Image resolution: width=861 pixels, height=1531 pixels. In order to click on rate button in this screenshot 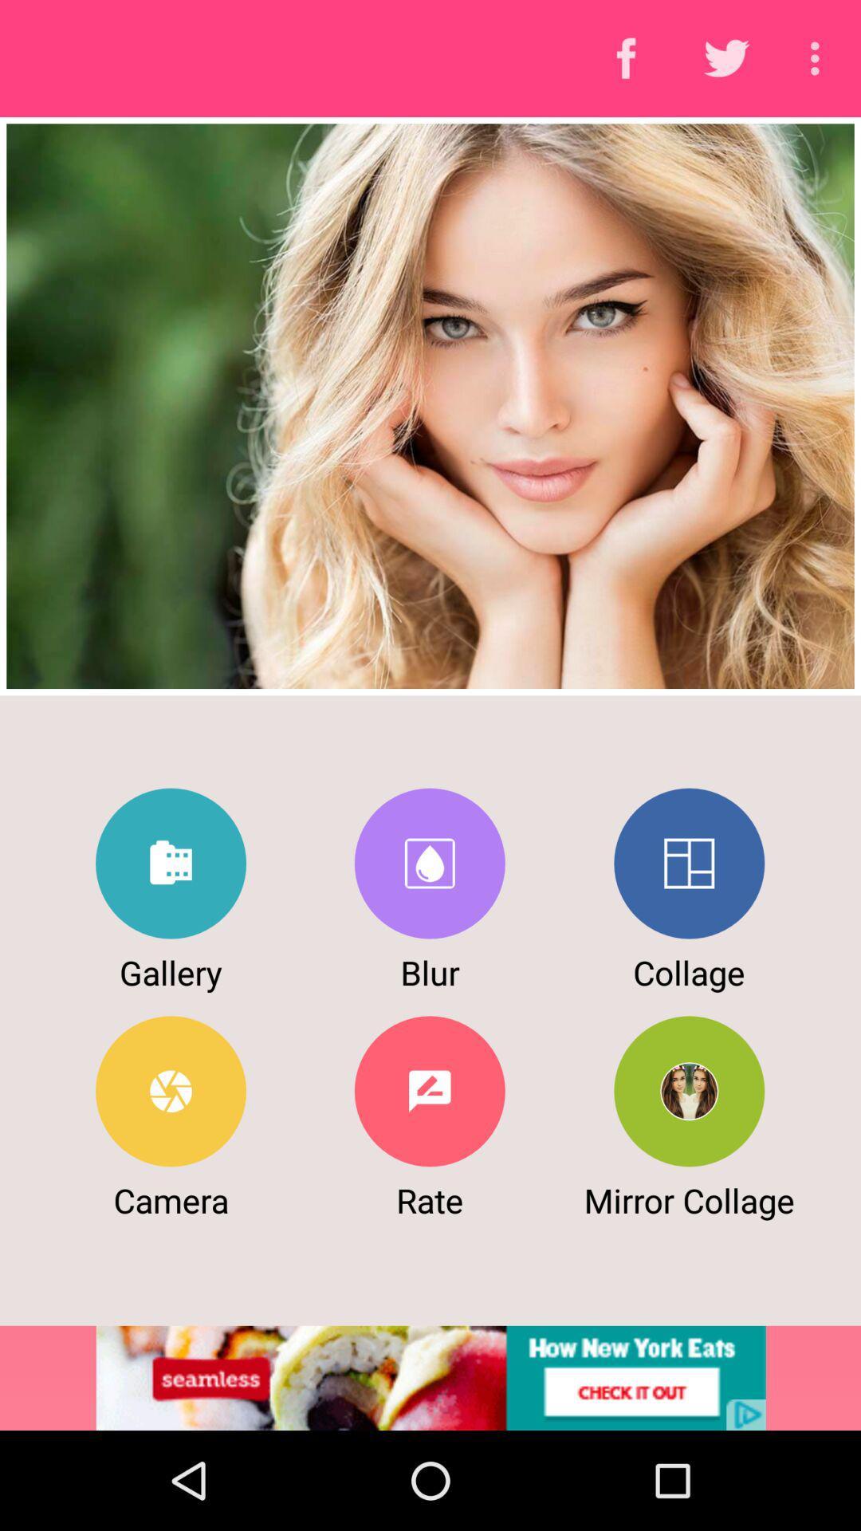, I will do `click(429, 1090)`.